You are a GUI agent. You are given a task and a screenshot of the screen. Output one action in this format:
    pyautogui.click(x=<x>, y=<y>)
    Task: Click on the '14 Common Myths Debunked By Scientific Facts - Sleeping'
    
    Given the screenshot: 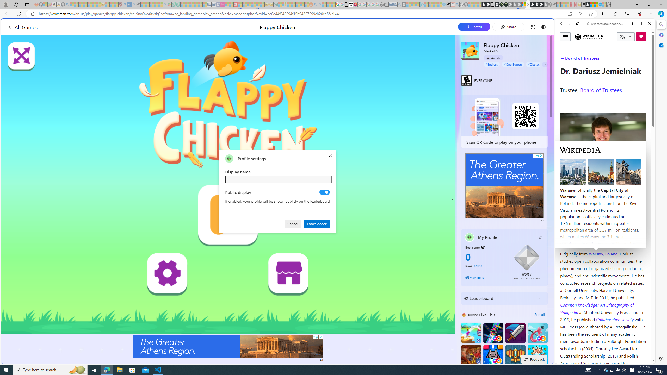 What is the action you would take?
    pyautogui.click(x=244, y=4)
    